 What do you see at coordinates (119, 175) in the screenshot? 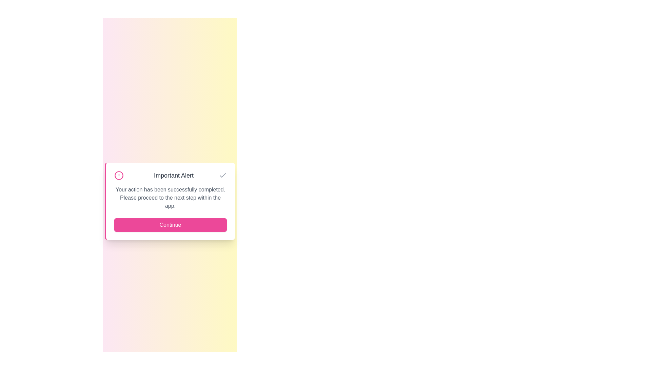
I see `the alert icon to interact with it` at bounding box center [119, 175].